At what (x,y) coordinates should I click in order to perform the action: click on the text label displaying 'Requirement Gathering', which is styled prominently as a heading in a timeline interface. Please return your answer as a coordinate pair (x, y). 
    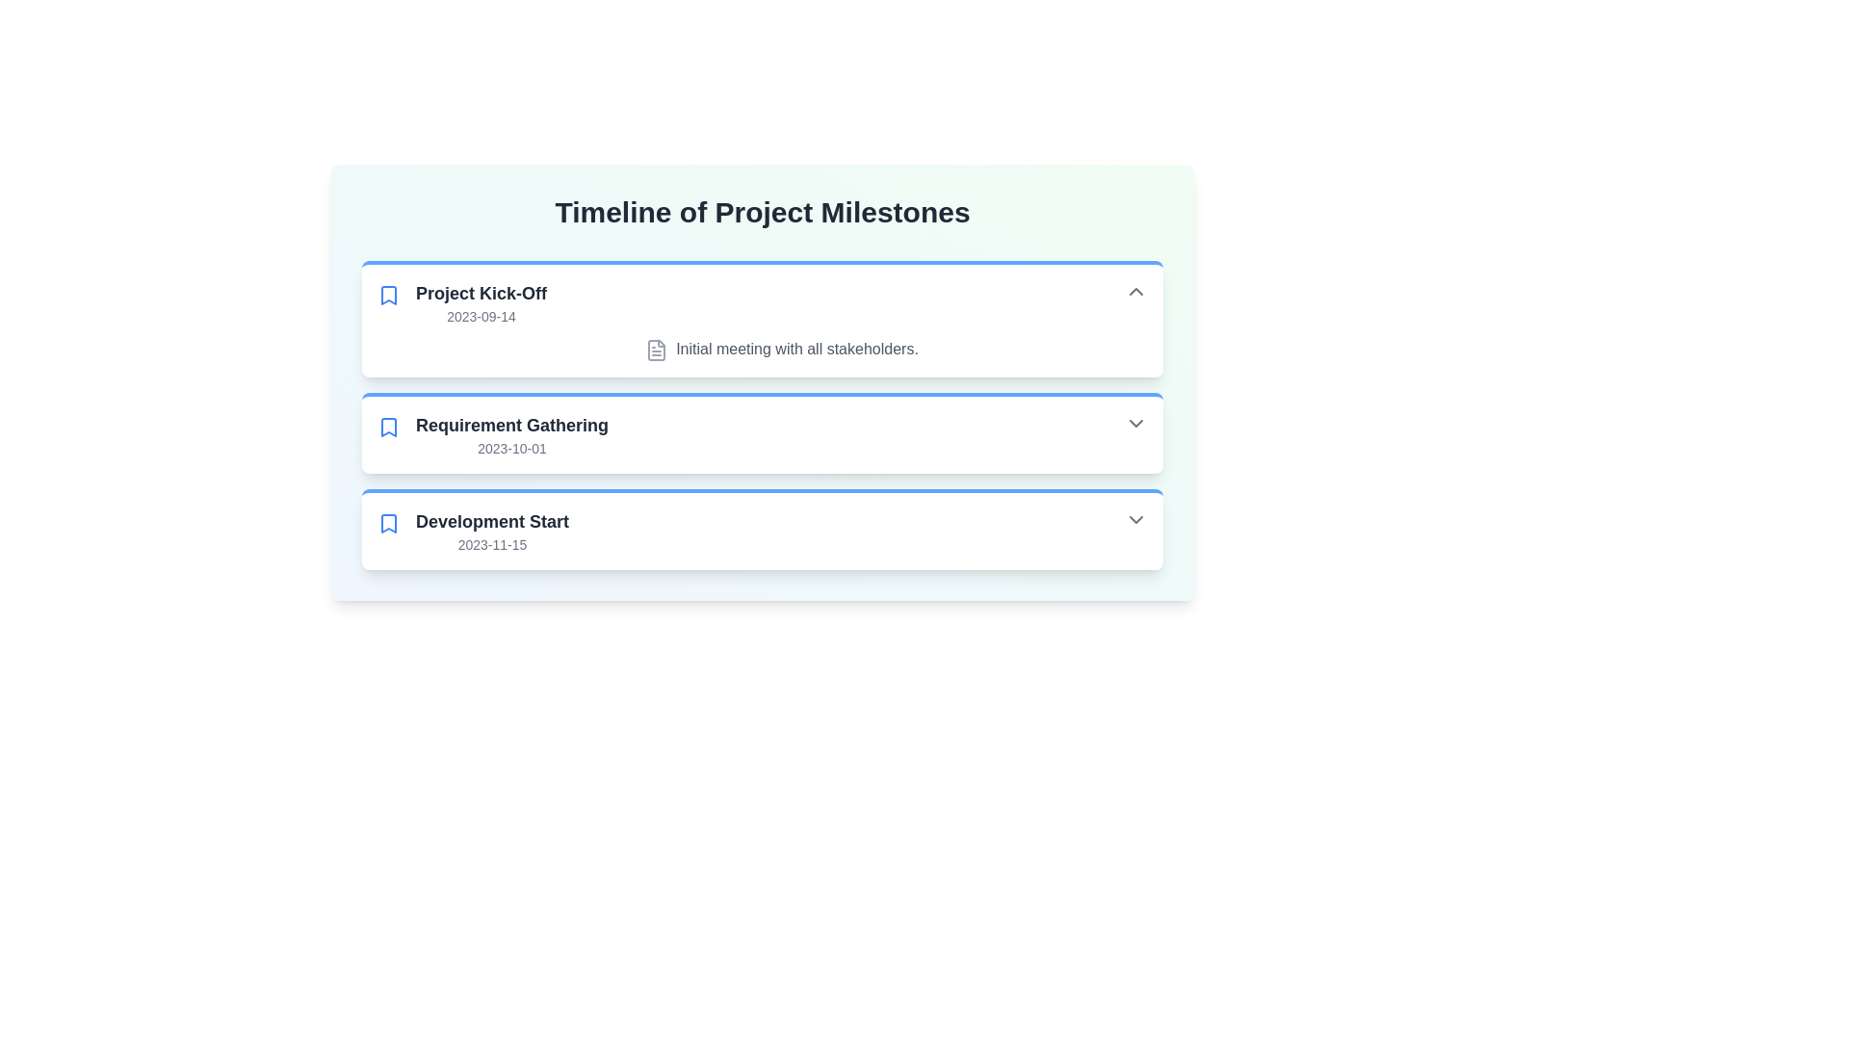
    Looking at the image, I should click on (512, 424).